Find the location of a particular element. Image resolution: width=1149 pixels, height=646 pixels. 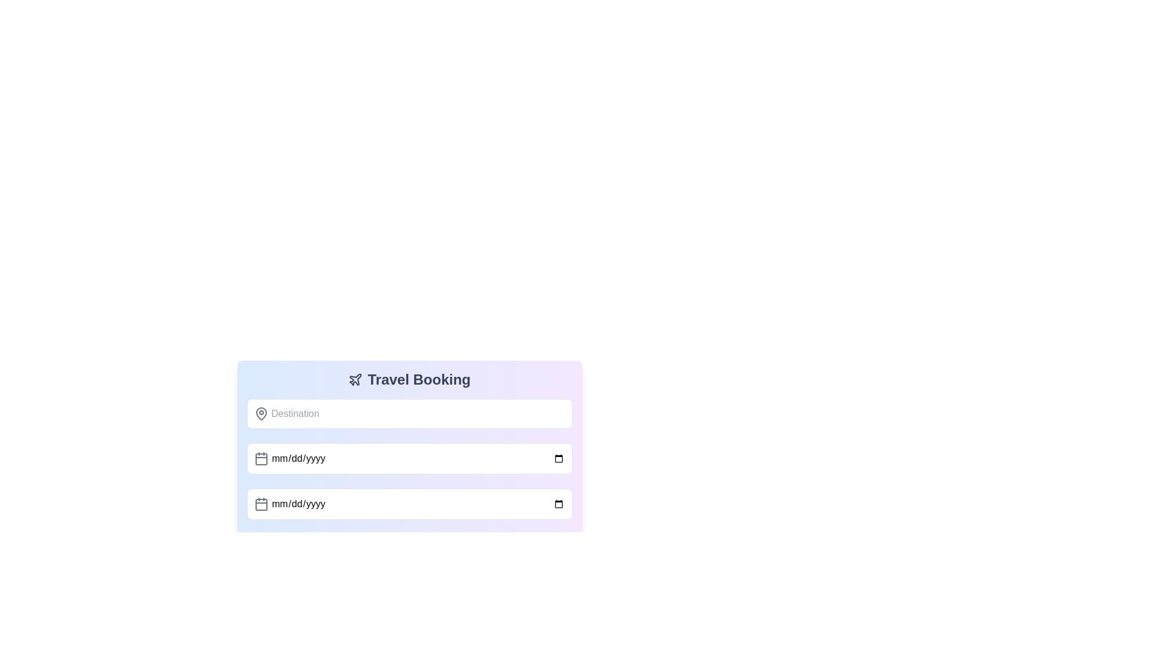

the calendar icon located near the lower input field within the 'Travel Booking' form is located at coordinates (260, 505).